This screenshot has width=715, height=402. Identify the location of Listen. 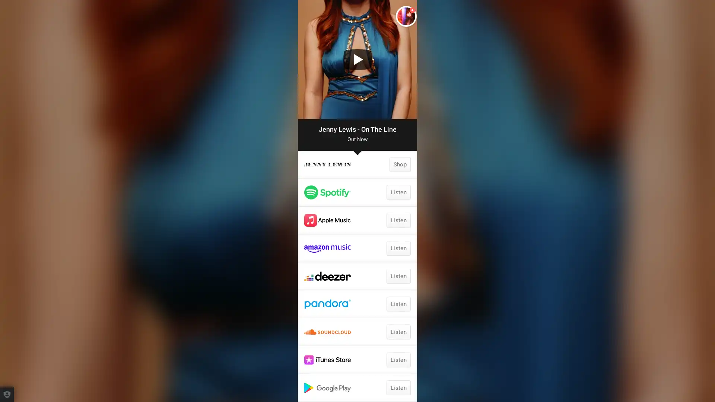
(398, 248).